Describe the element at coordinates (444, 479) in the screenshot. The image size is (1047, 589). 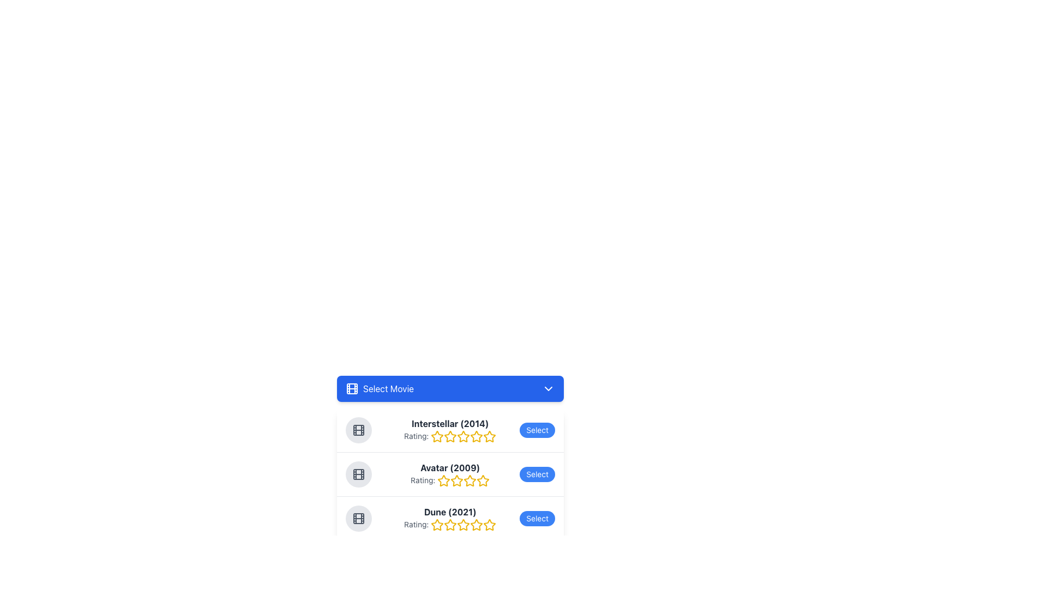
I see `the second rating star for the movie 'Avatar (2009)' to rate at level 2` at that location.